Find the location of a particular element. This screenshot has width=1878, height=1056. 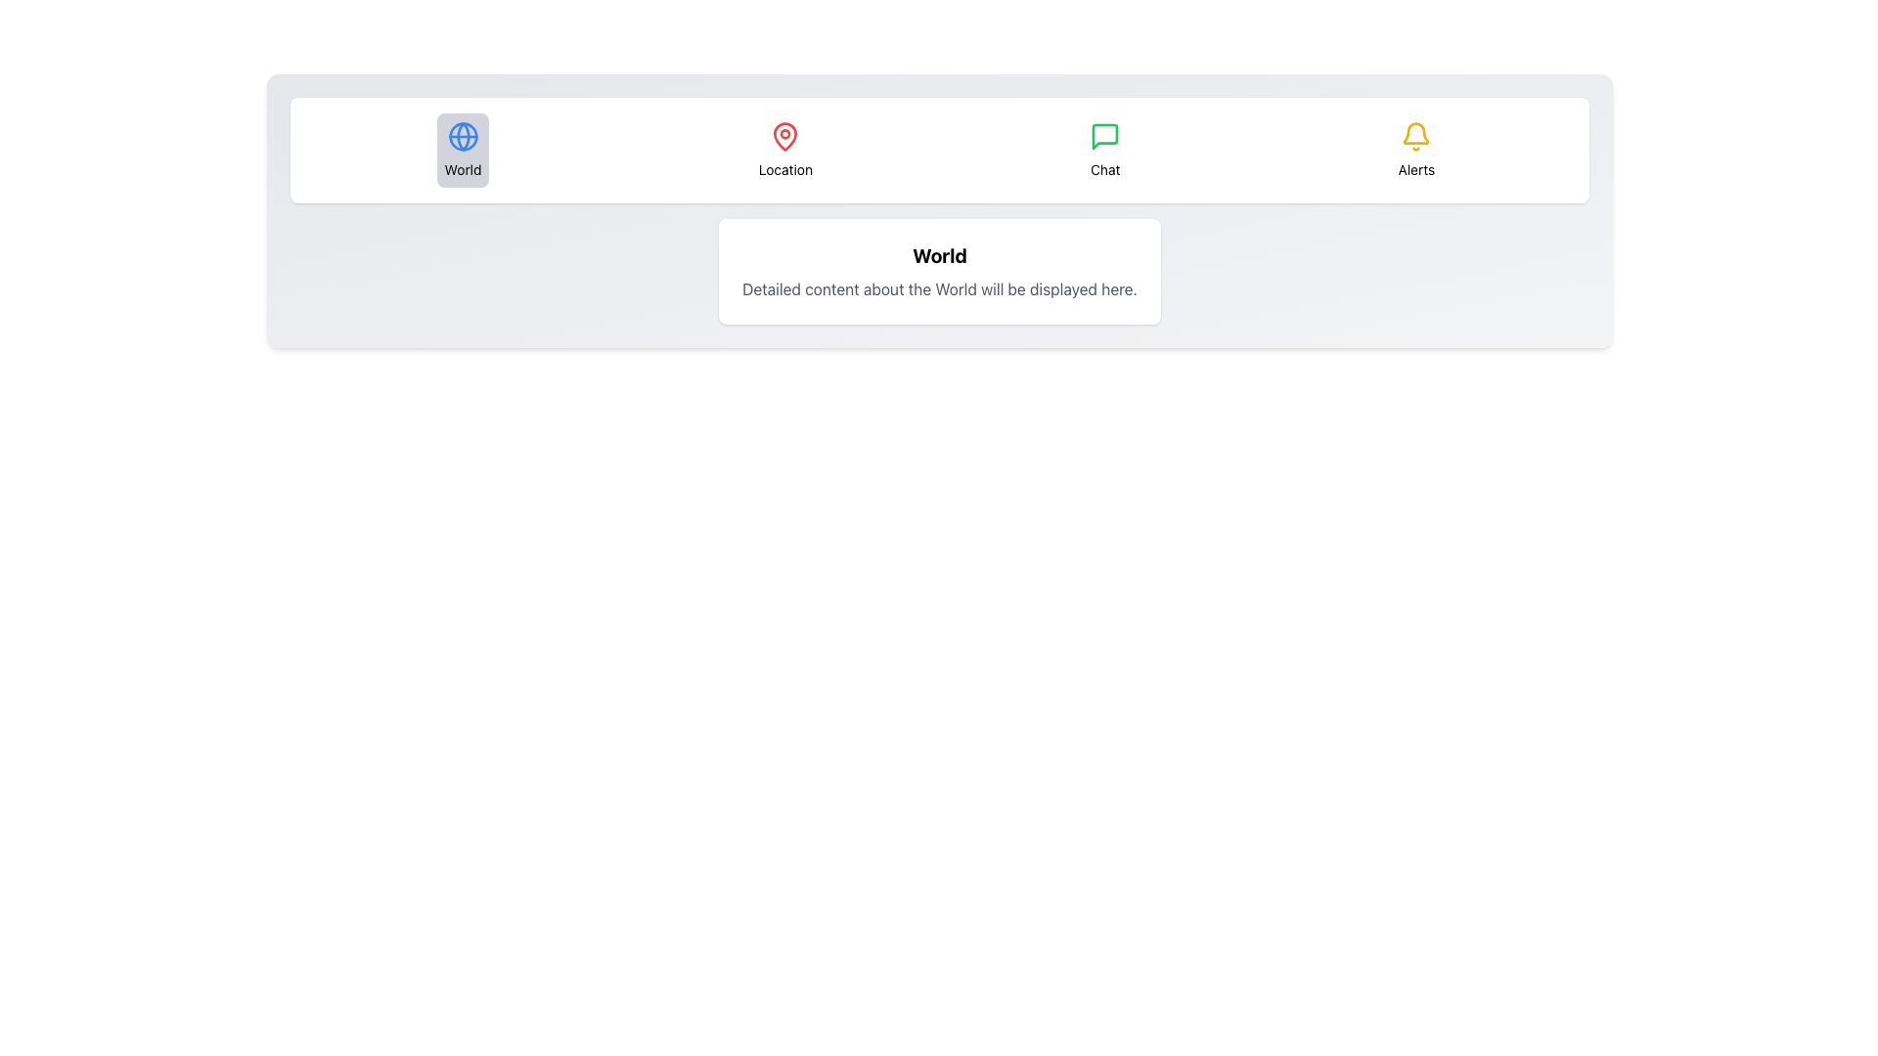

the green chat bubble icon located in the navigation bar area, positioned between a location icon and an alerts icon is located at coordinates (1105, 135).